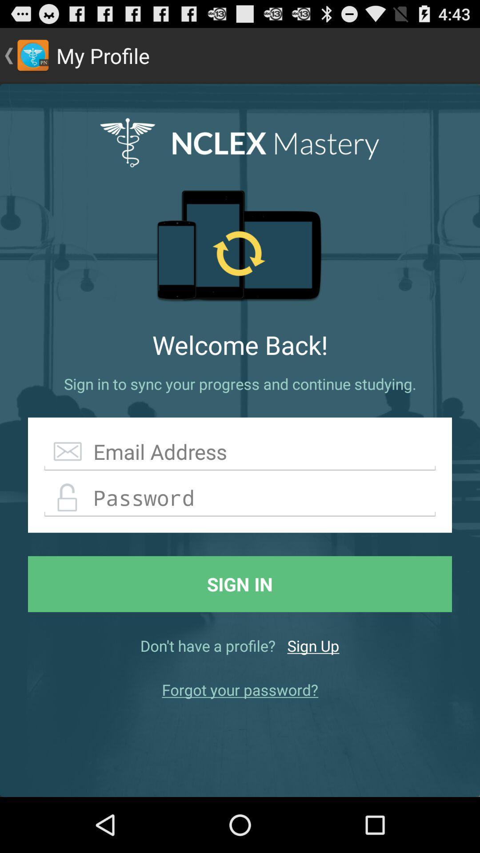  Describe the element at coordinates (313, 646) in the screenshot. I see `the icon next to the don t have icon` at that location.